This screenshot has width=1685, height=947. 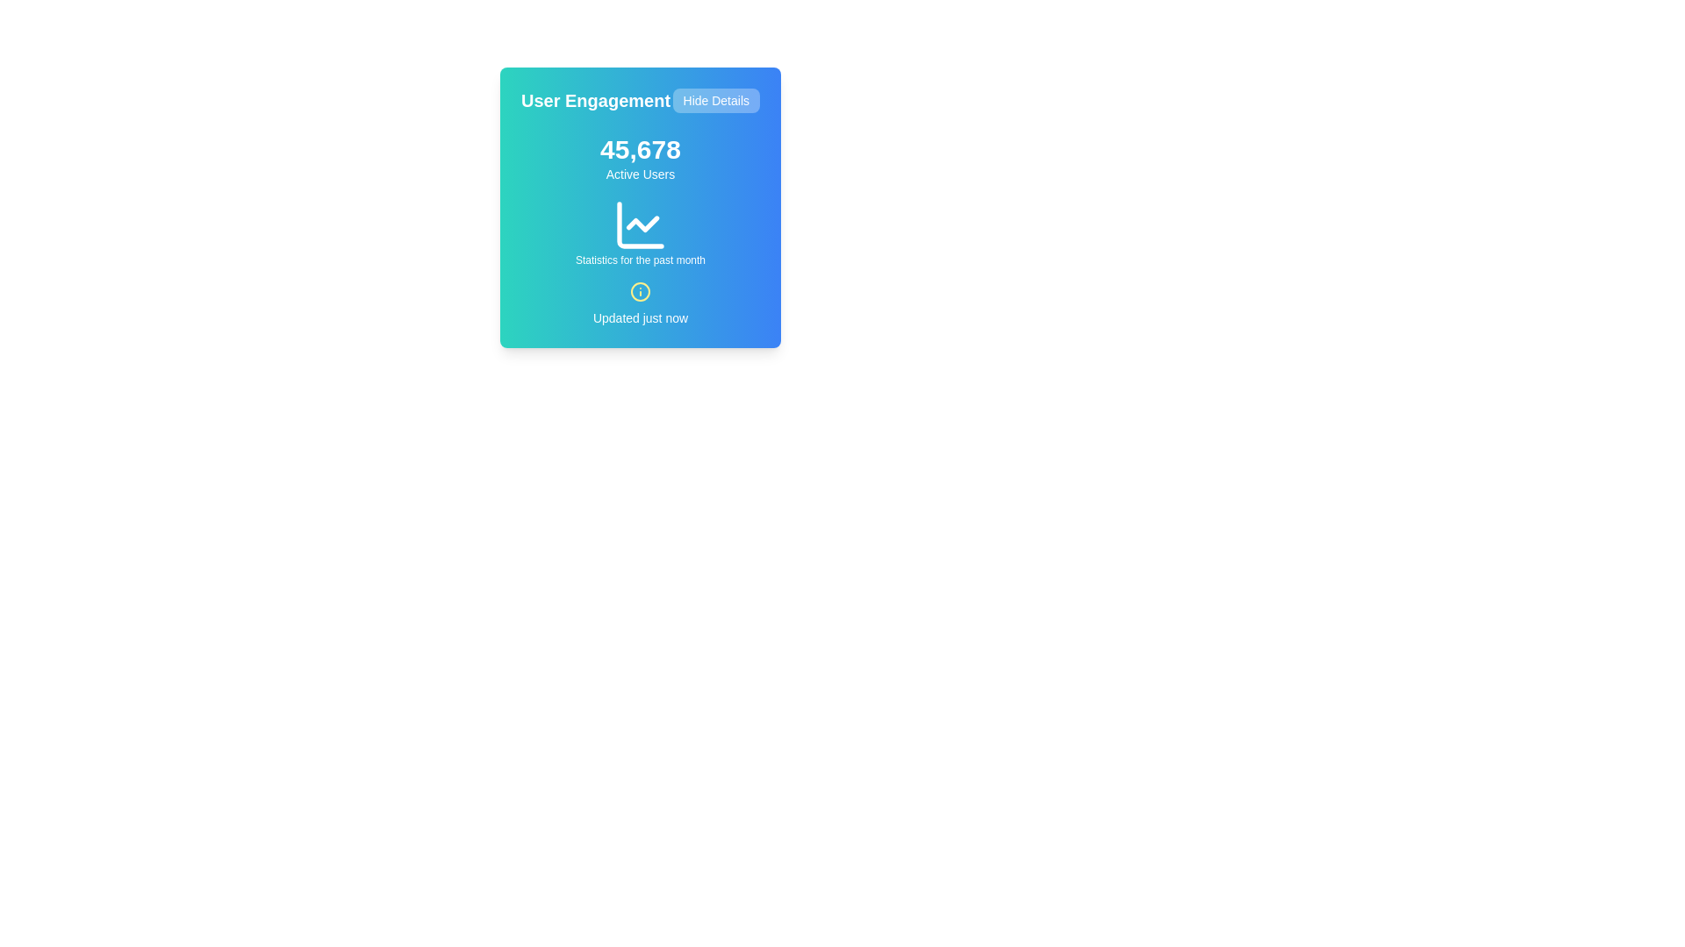 What do you see at coordinates (639, 303) in the screenshot?
I see `the Informative label displaying 'Updated just now', located below the 'Statistics for the past month' text within the 'User Engagement' card` at bounding box center [639, 303].